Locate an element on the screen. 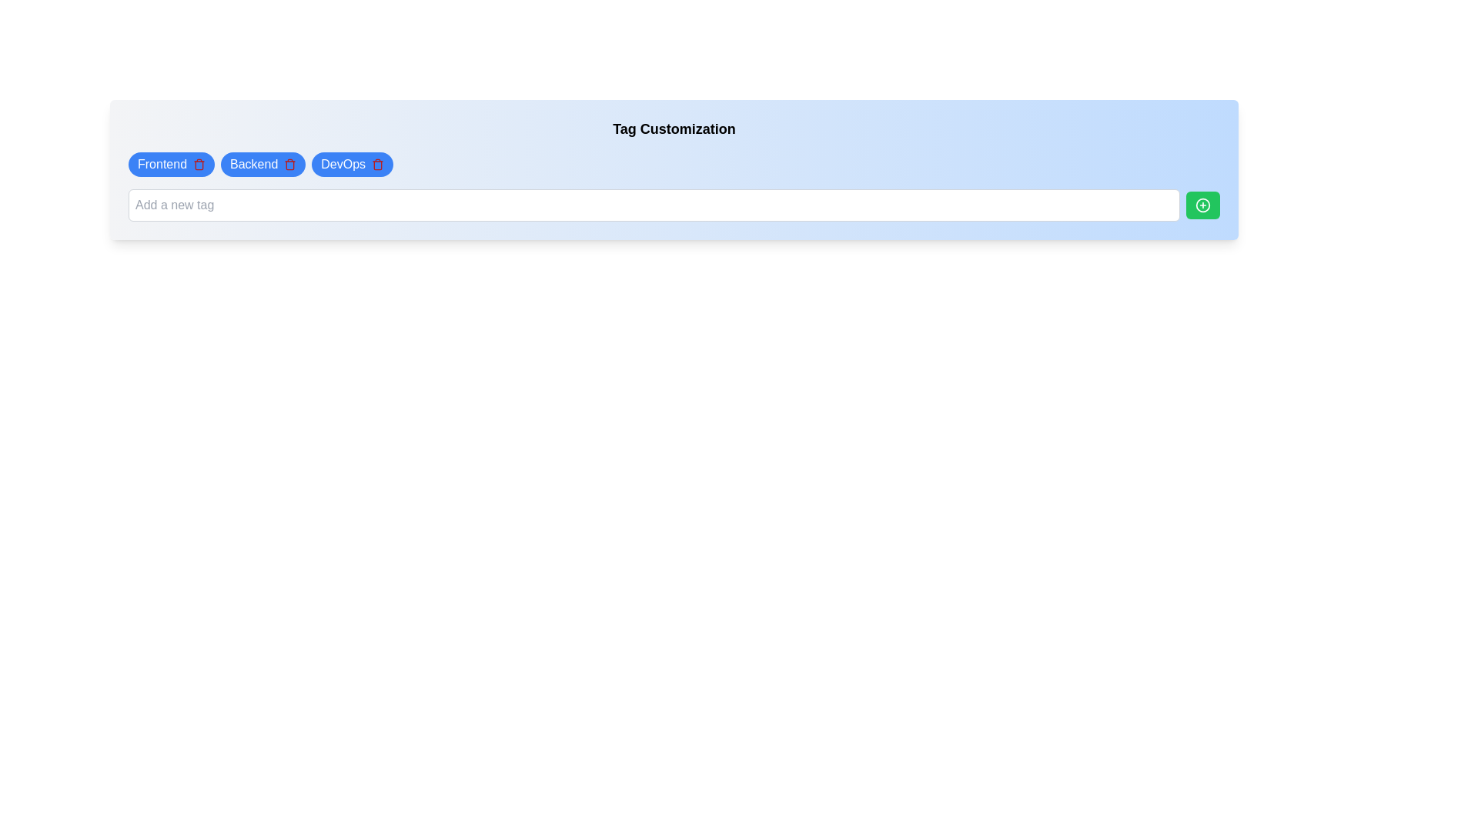 This screenshot has width=1478, height=831. the red trash icon next to the 'Frontend' text is located at coordinates (199, 164).